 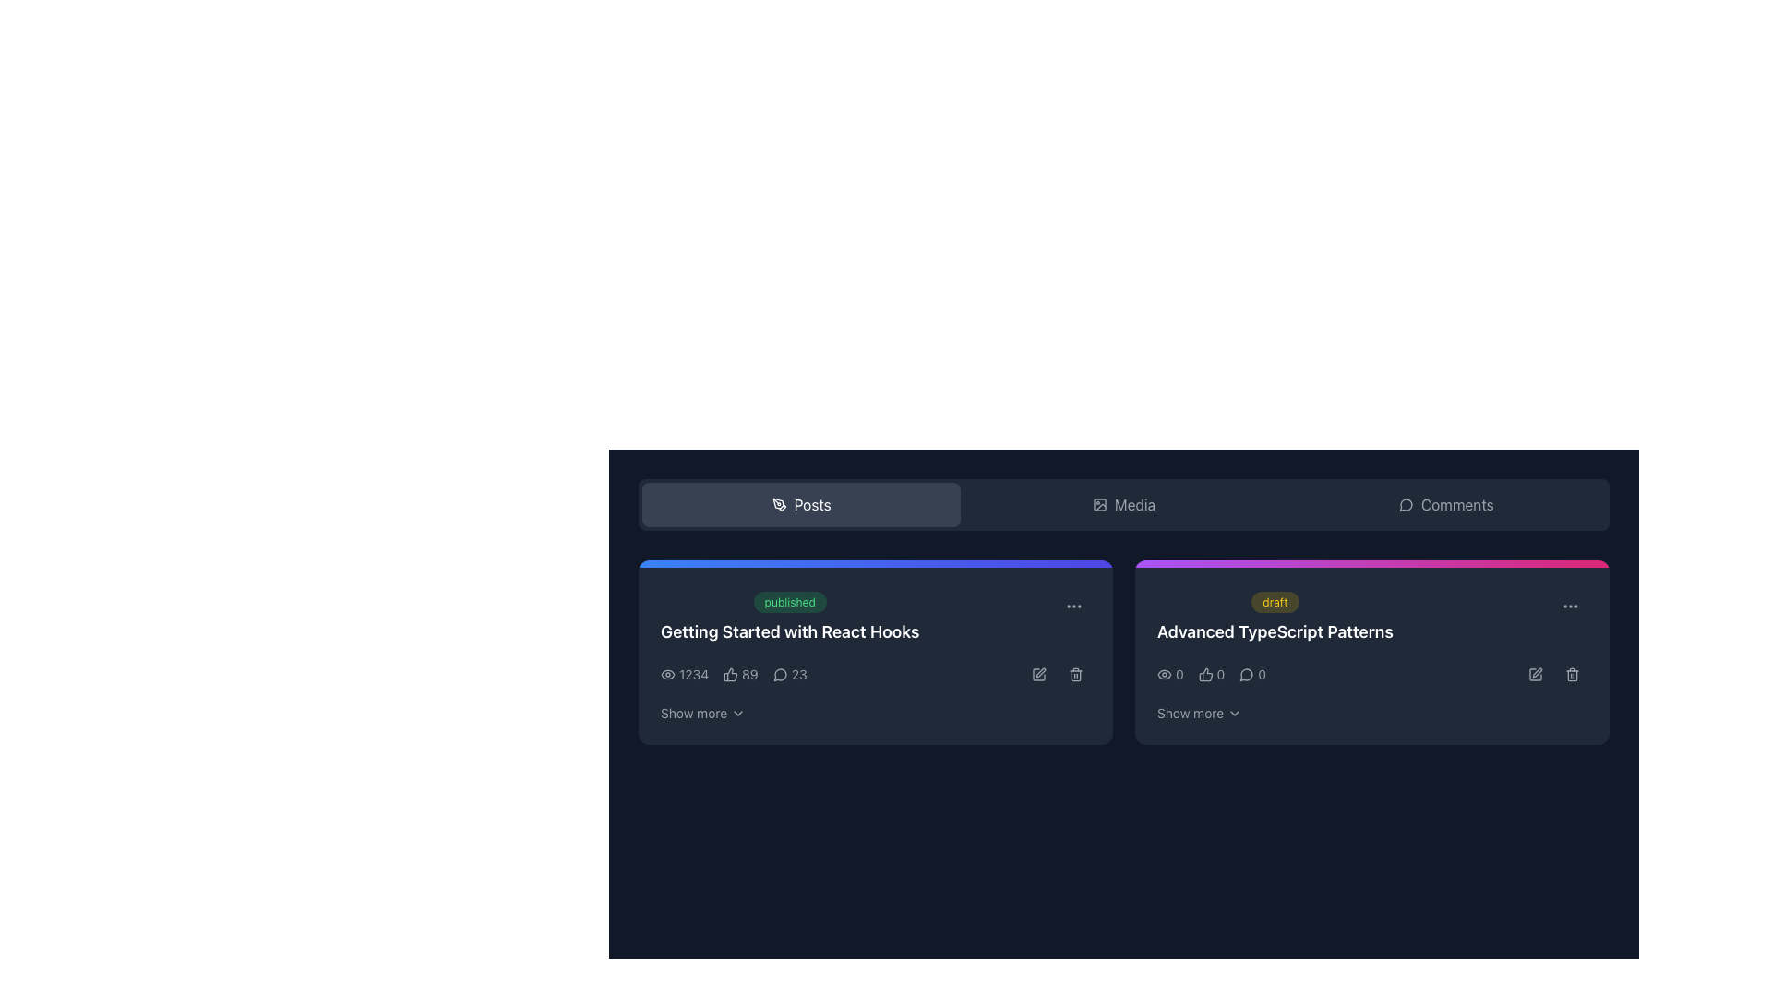 I want to click on information displayed in the text display showing the number '89', located to the right of the thumbs-up icon within the card under 'Getting Started with React Hooks', so click(x=749, y=675).